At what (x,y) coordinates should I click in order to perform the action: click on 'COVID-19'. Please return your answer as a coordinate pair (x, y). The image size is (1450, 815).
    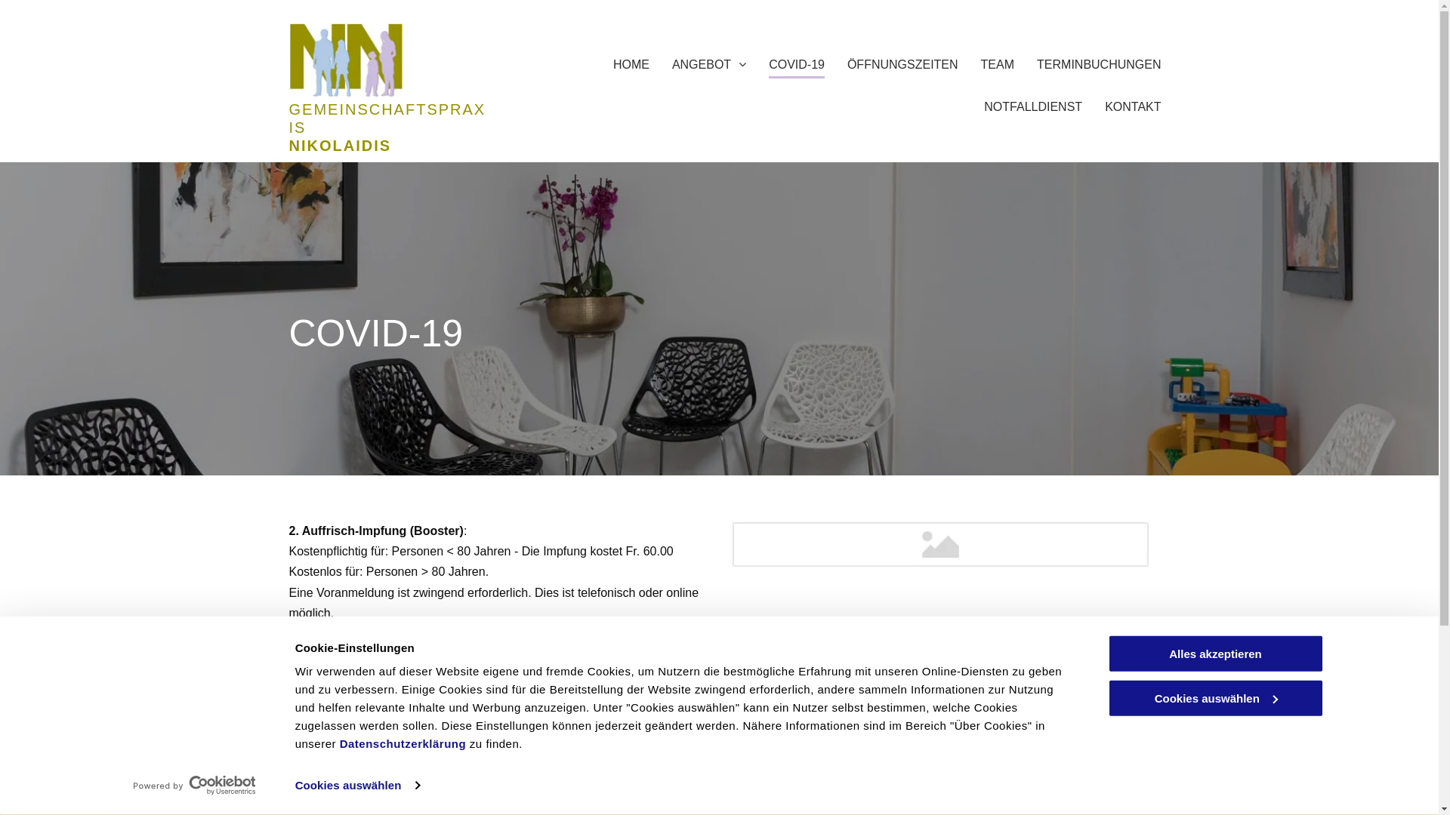
    Looking at the image, I should click on (796, 60).